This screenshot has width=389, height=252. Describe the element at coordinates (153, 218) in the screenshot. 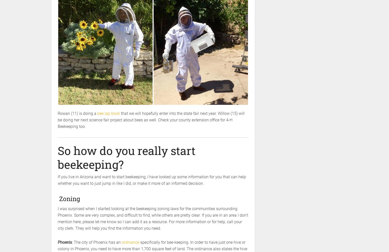

I see `'I was surprised when I started looking at the beekeeping zoning laws for the communities surrounding Phoenix. Some are very complex, and difficult to find, while others are pretty clear. If you are in an area I don’t mention here, please let me know so I can add it as a resource. For more information or for help, call your city clerk. They will help you find the information you need.'` at that location.